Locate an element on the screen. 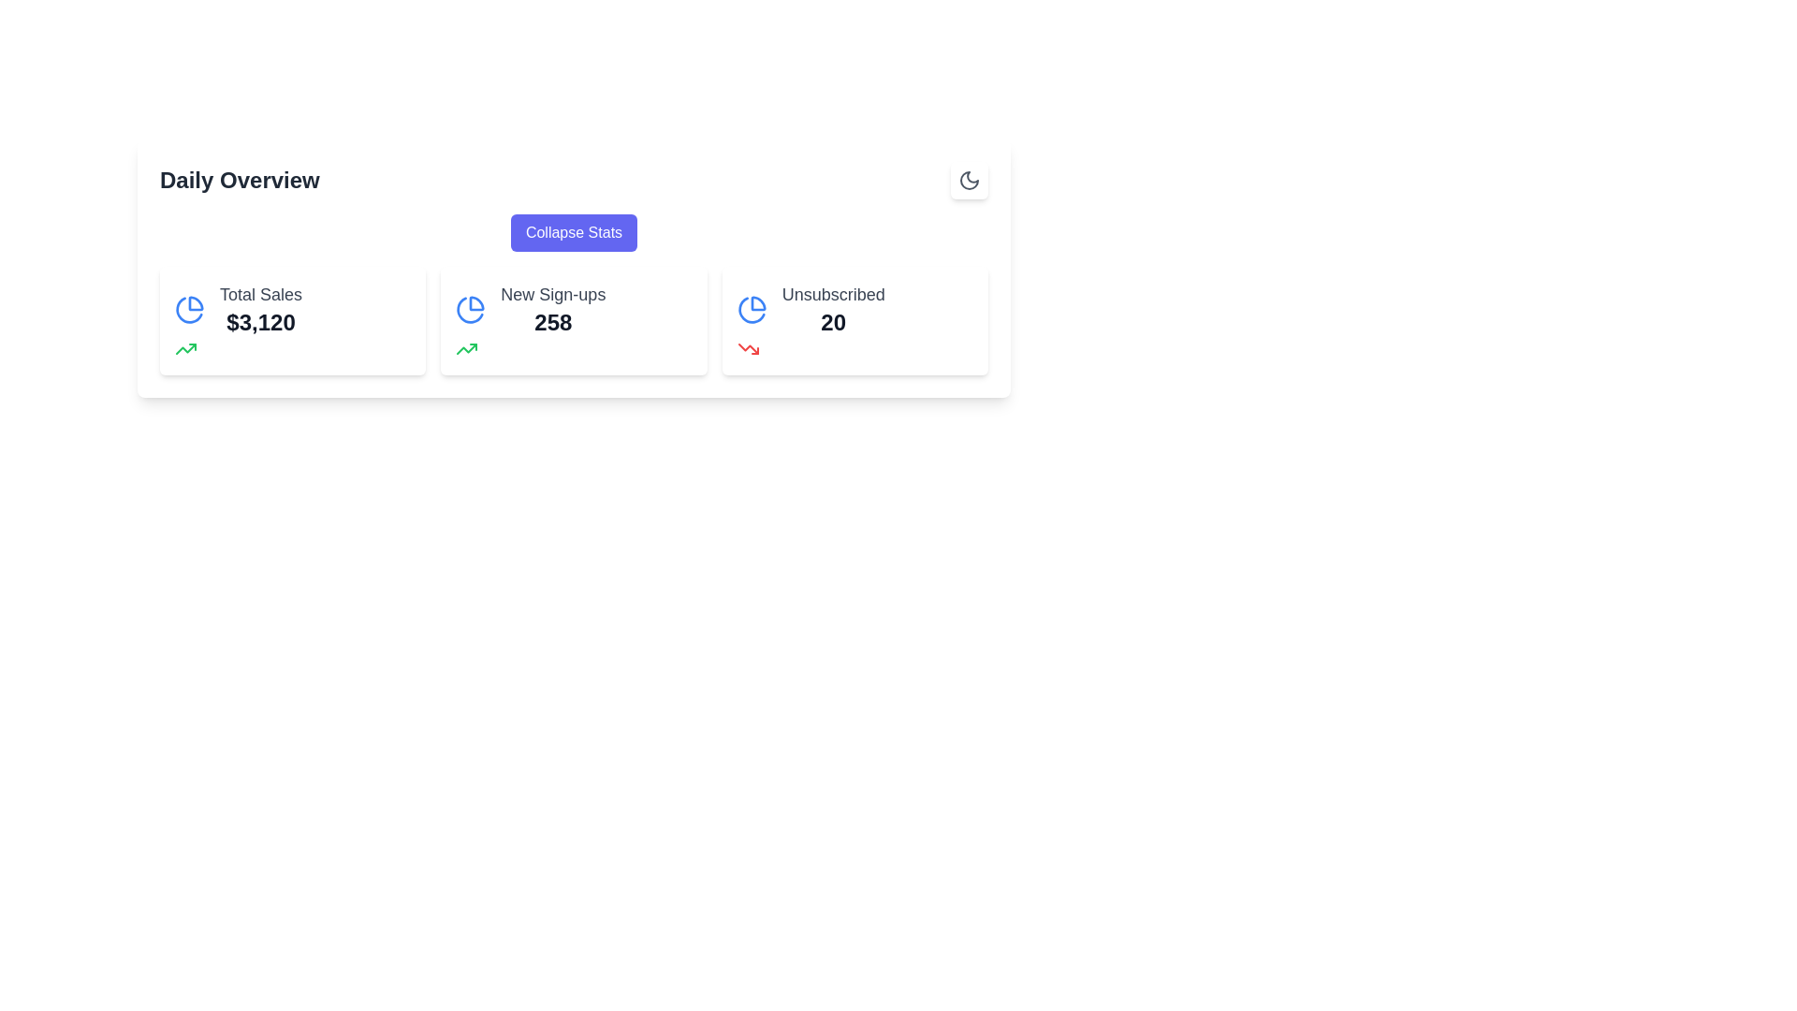 This screenshot has height=1011, width=1797. the positive trend arrow icon located in the bottom-left corner of the 'Total Sales' card in the 'Daily Overview' section to visually indicate an increase in total sales is located at coordinates (467, 349).